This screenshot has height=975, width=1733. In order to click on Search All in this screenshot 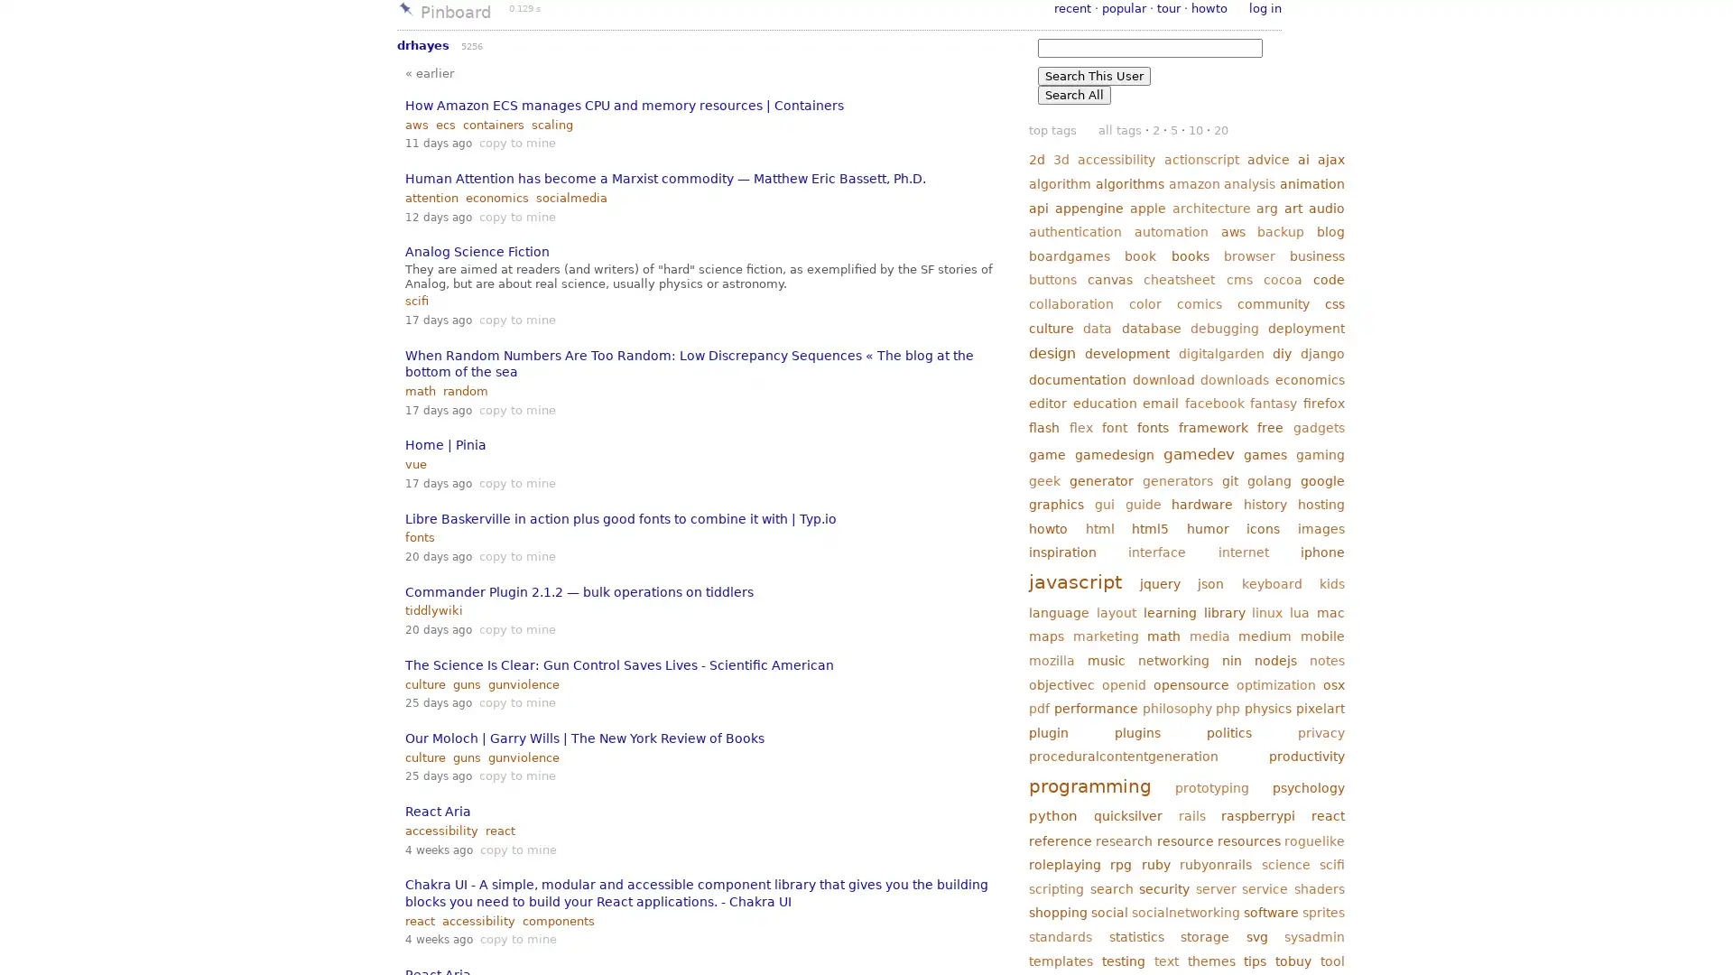, I will do `click(1074, 95)`.